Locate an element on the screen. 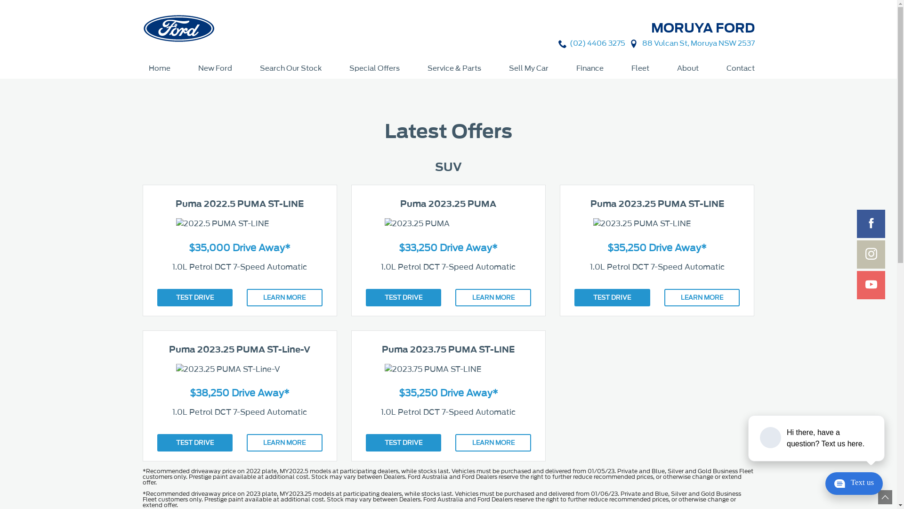 The width and height of the screenshot is (904, 509). 'Service & Parts' is located at coordinates (454, 68).